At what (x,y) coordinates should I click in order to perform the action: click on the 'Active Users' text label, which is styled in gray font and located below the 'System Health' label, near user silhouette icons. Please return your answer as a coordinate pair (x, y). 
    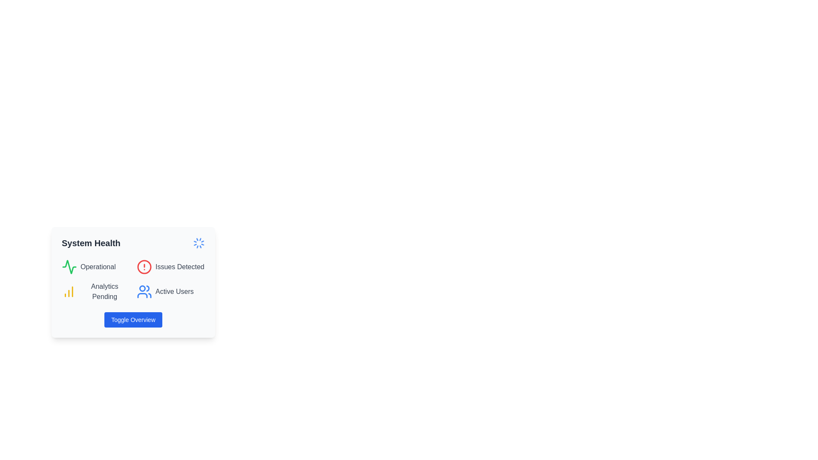
    Looking at the image, I should click on (174, 291).